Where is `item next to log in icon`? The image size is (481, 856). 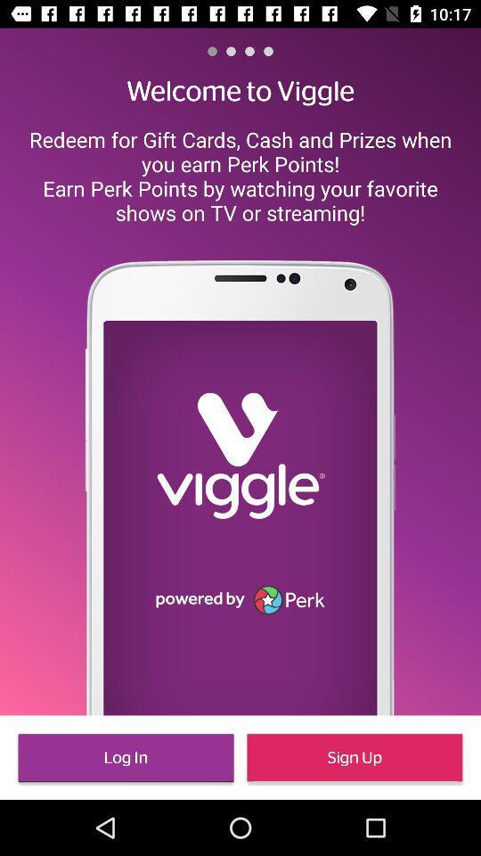
item next to log in icon is located at coordinates (355, 756).